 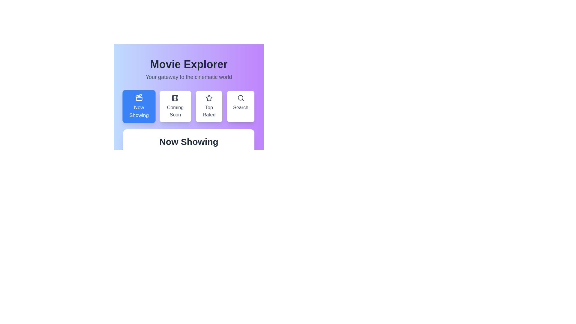 I want to click on the tab labeled Coming Soon, so click(x=175, y=106).